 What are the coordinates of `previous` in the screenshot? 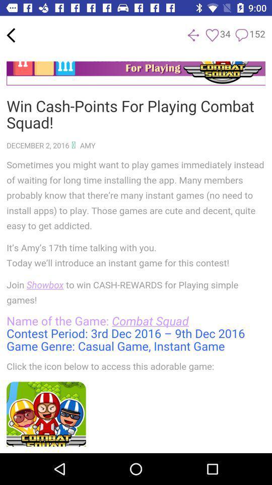 It's located at (10, 35).